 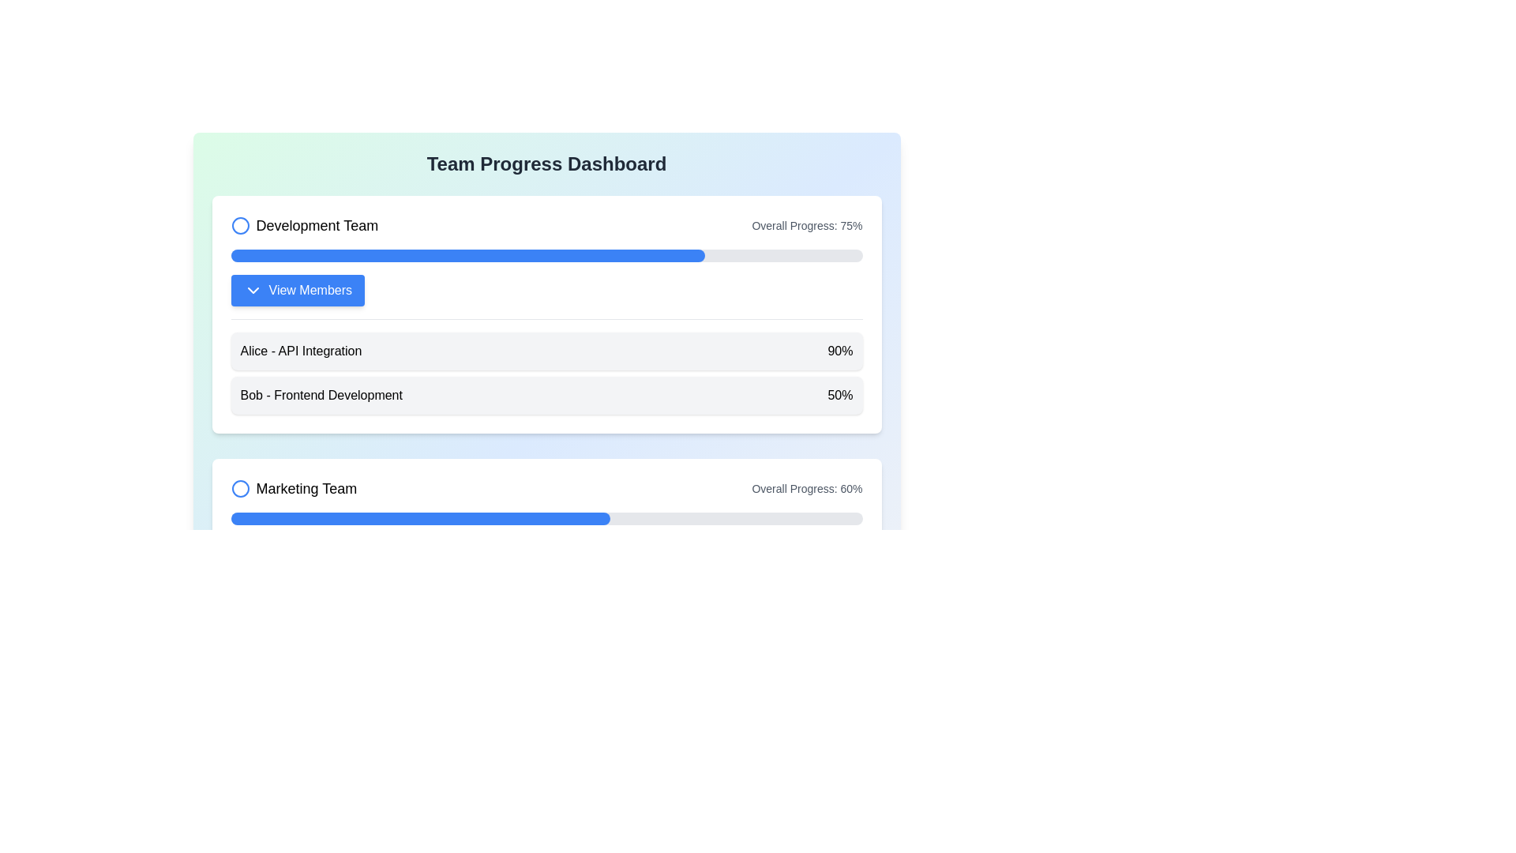 I want to click on the progress bar located at the center of the 'Development Team' section, so click(x=546, y=255).